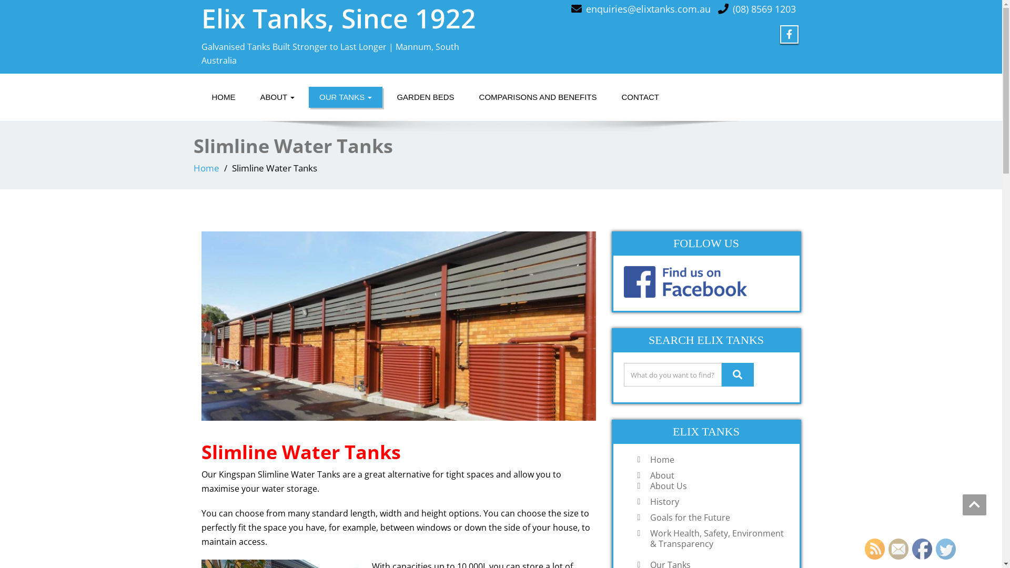  I want to click on 'COMPARISONS AND BENEFITS', so click(538, 97).